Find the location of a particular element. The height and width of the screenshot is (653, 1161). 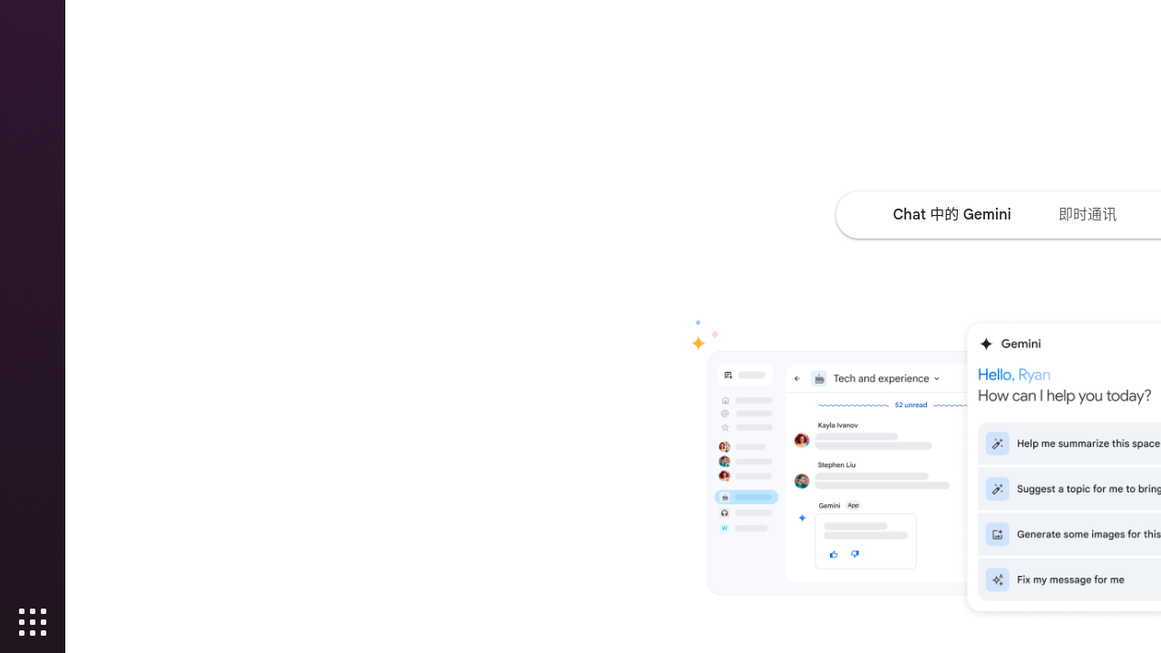

'Show Applications' is located at coordinates (32, 621).